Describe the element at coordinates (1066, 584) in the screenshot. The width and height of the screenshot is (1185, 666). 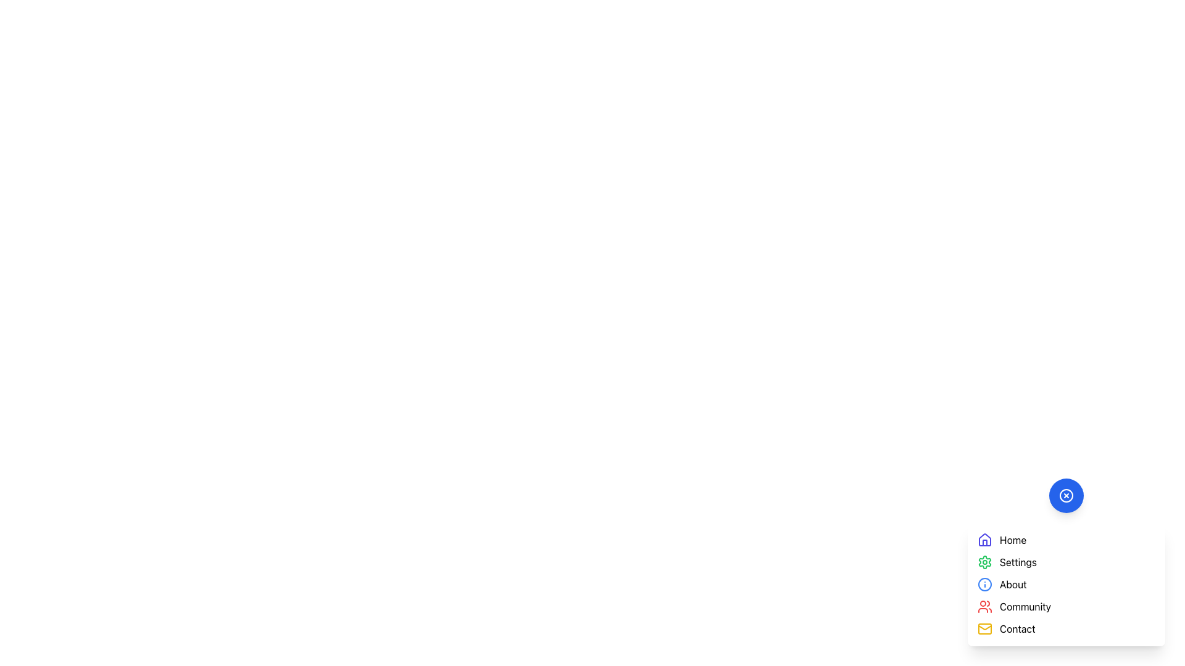
I see `the third menu item in the vertical list` at that location.